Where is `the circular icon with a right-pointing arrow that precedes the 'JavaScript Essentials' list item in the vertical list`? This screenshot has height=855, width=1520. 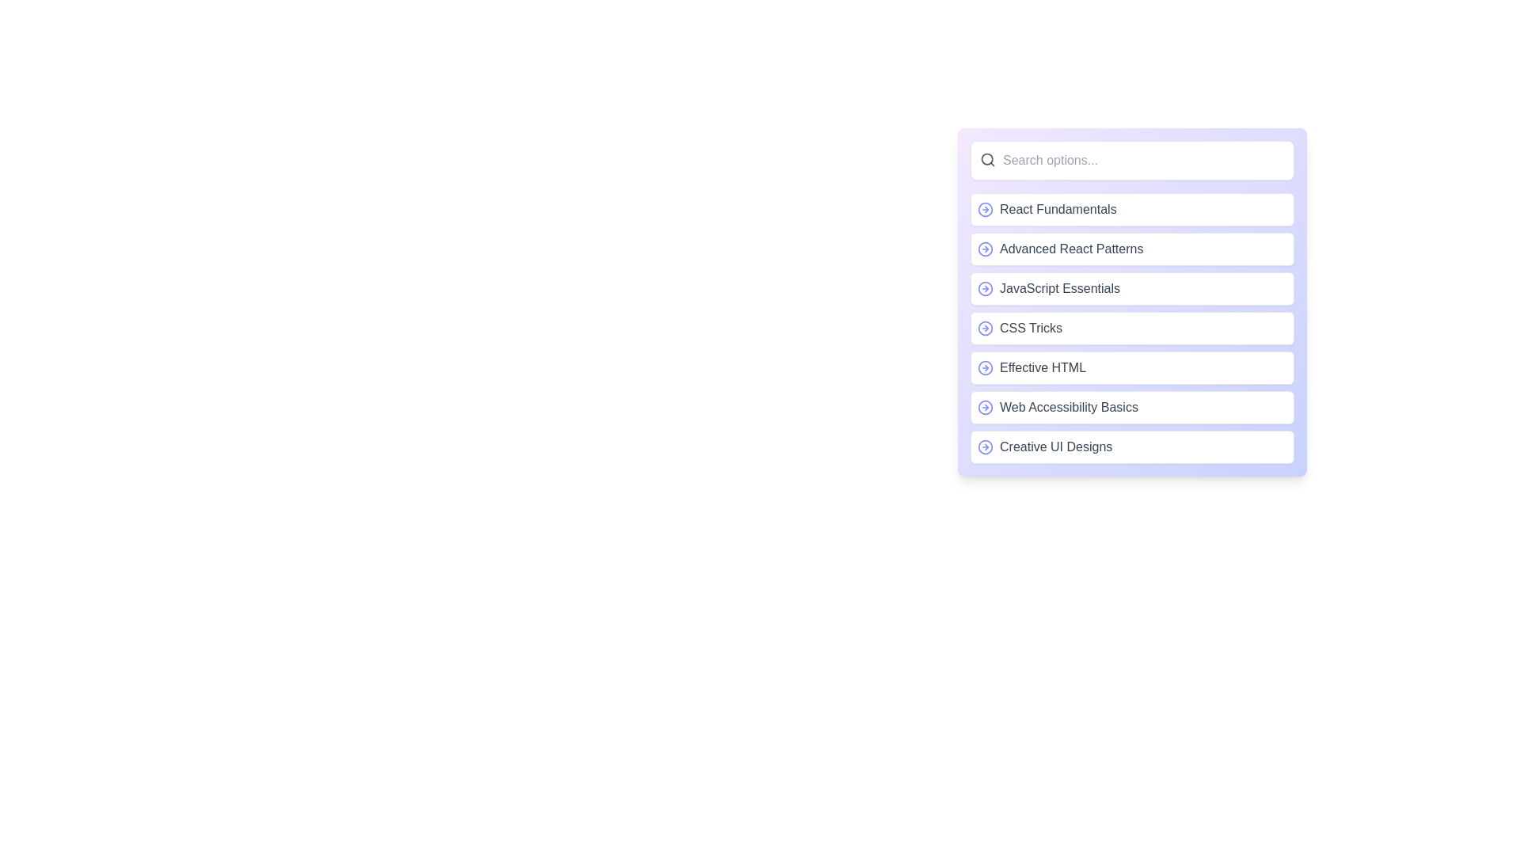
the circular icon with a right-pointing arrow that precedes the 'JavaScript Essentials' list item in the vertical list is located at coordinates (984, 289).